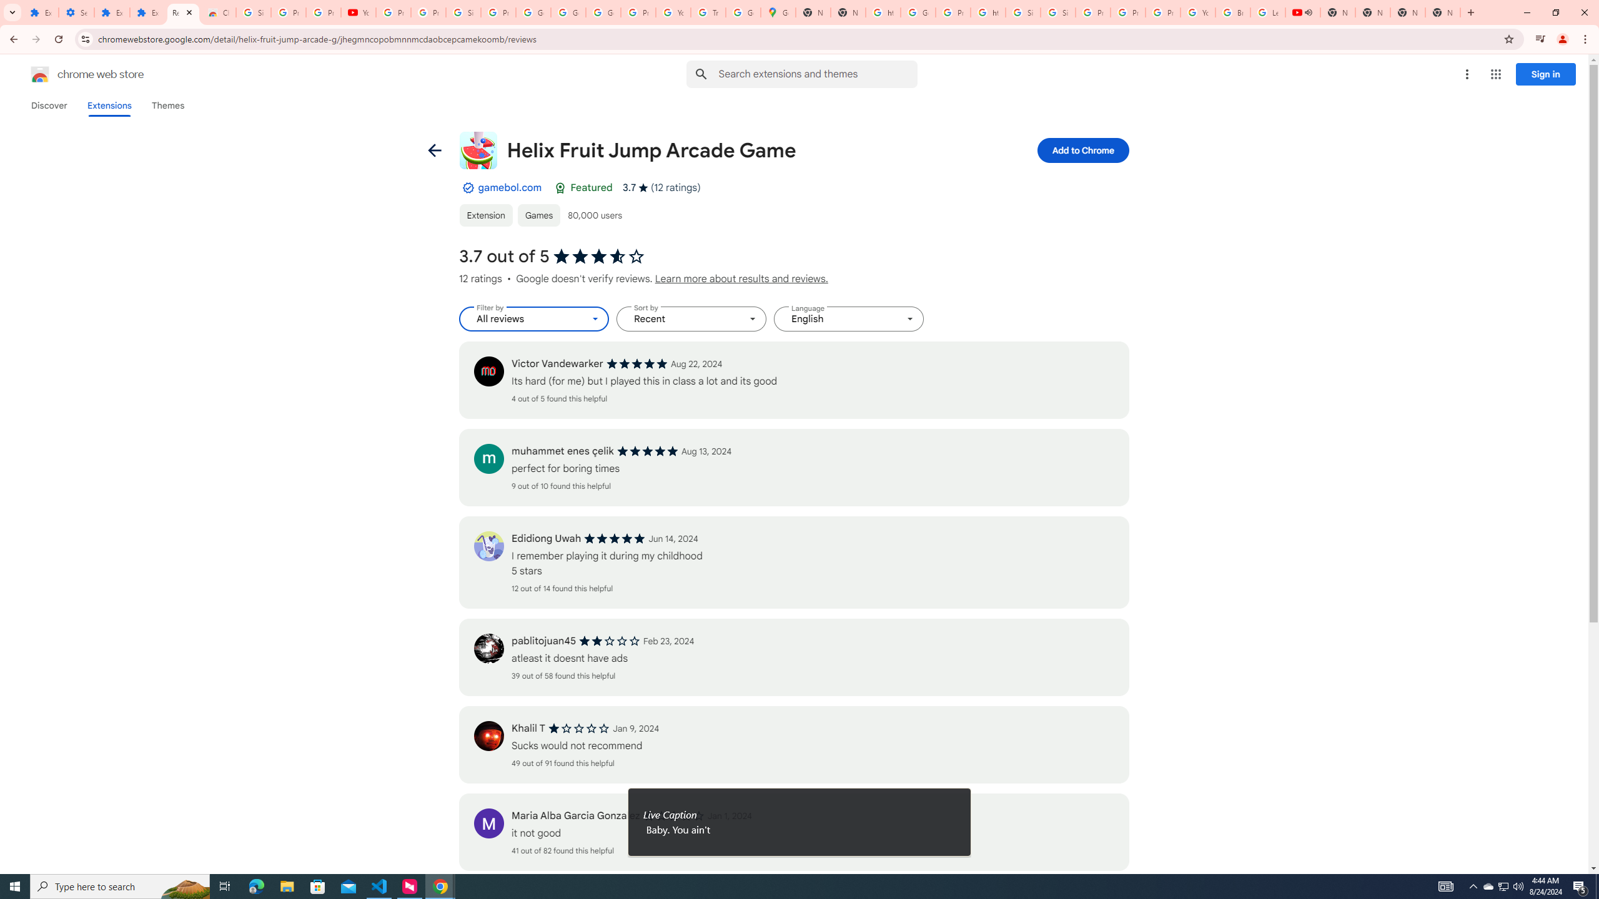 This screenshot has width=1599, height=899. I want to click on '2 out of 5 stars', so click(609, 641).